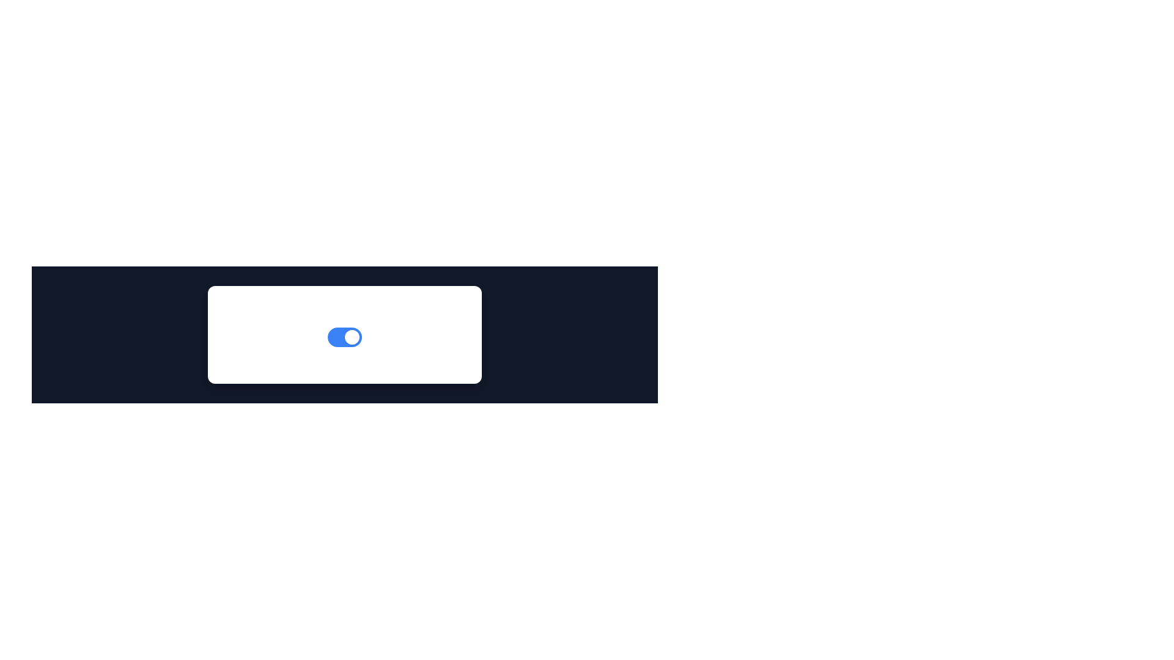  I want to click on the toggle switch position, so click(339, 337).